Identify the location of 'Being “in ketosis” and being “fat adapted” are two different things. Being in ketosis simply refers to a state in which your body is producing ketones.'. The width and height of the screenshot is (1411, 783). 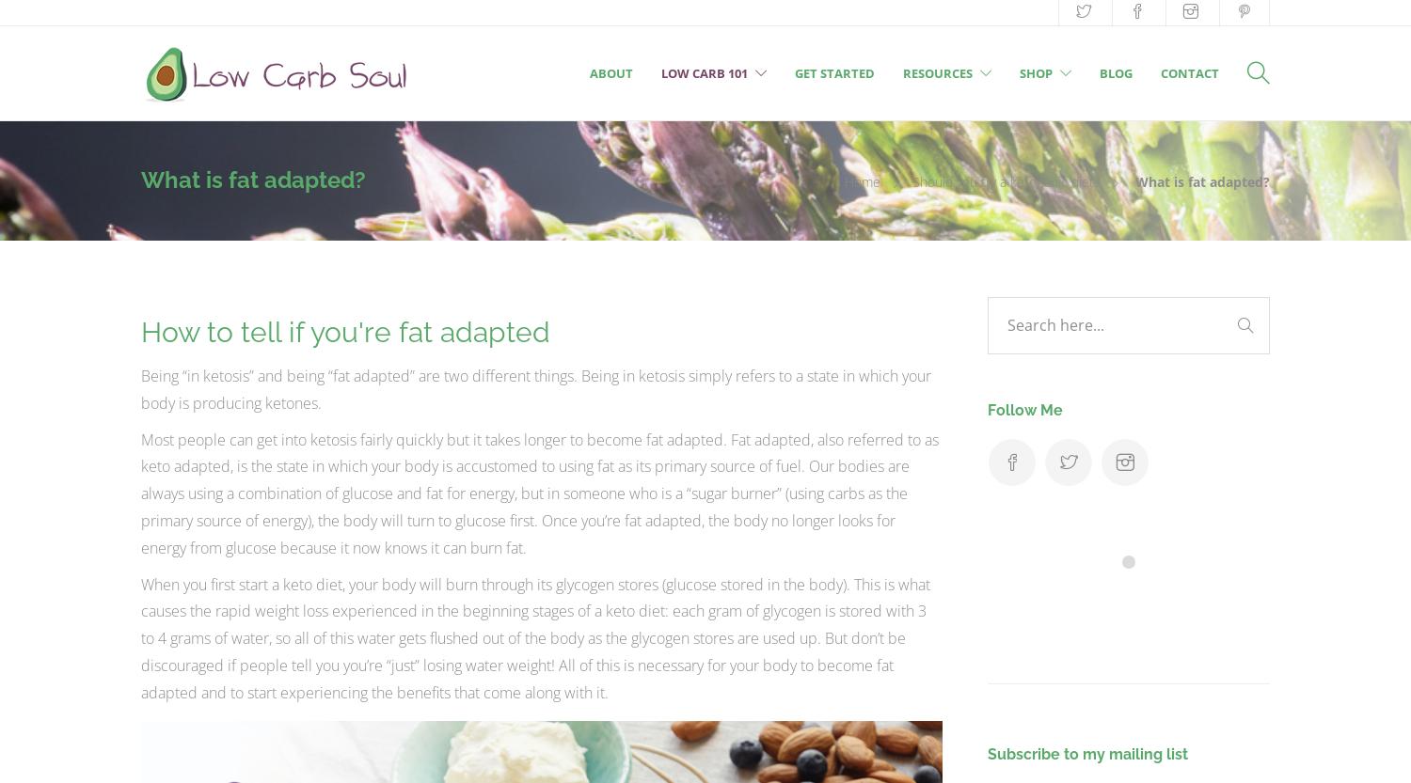
(535, 389).